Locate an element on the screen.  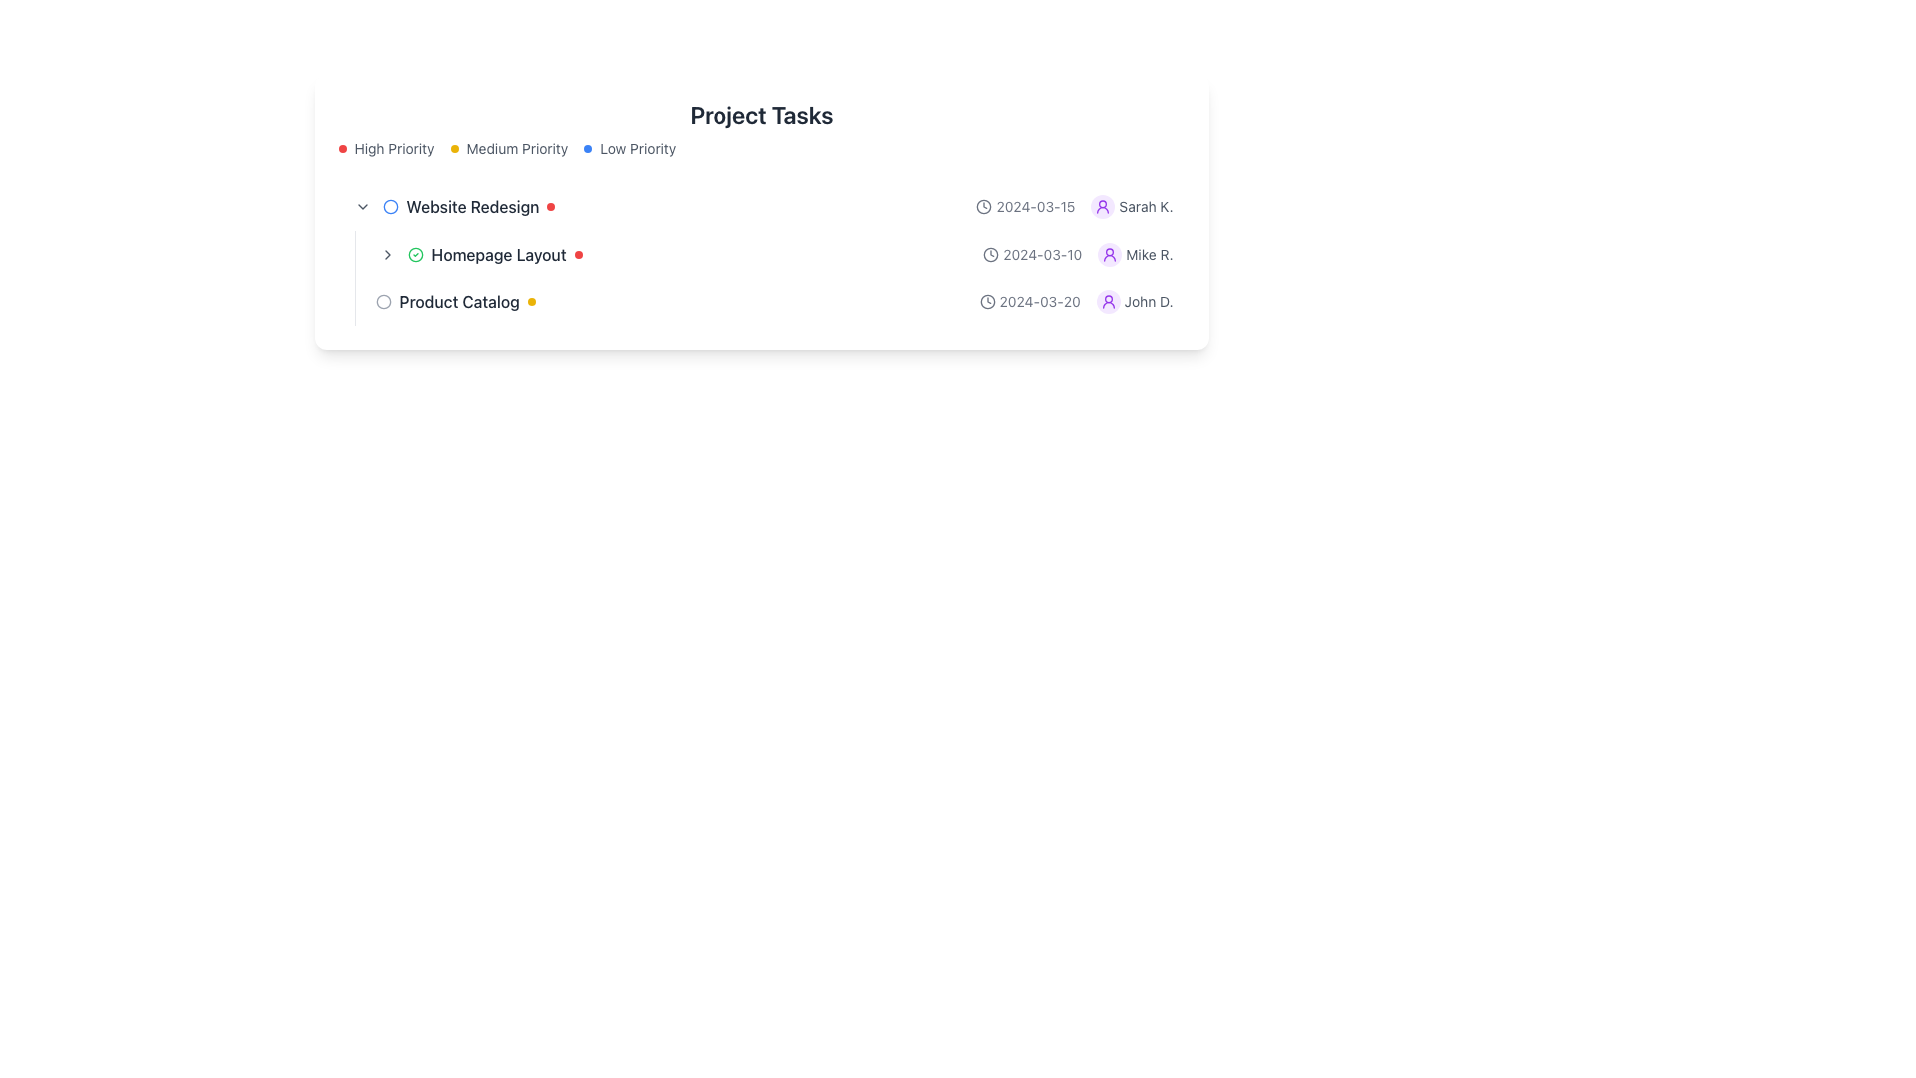
the 'Homepage Layout' text label, which is styled in gray and positioned in a hierarchical list under 'Website Redesign' is located at coordinates (498, 253).